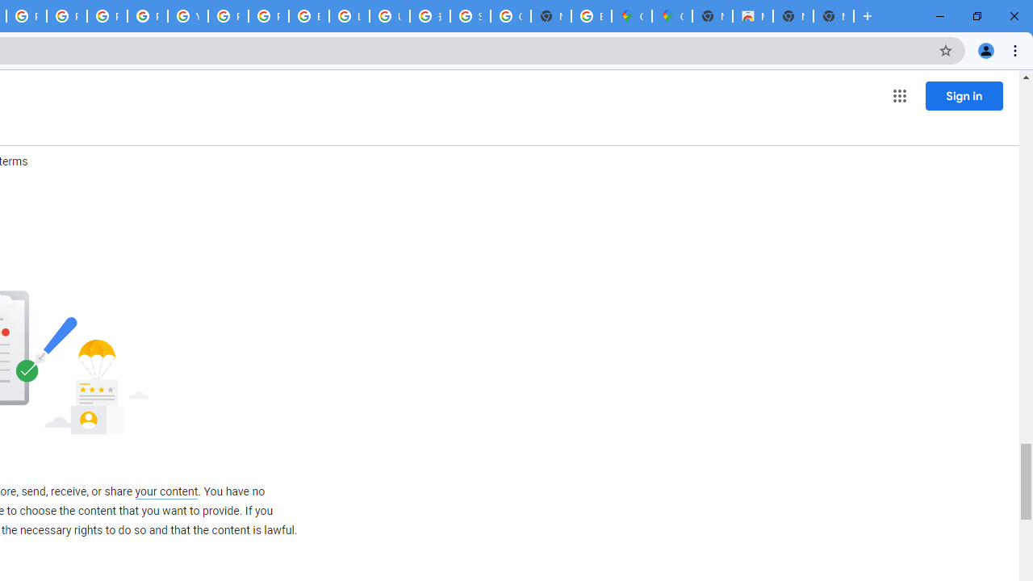 The width and height of the screenshot is (1033, 581). What do you see at coordinates (945, 49) in the screenshot?
I see `'Bookmark this tab'` at bounding box center [945, 49].